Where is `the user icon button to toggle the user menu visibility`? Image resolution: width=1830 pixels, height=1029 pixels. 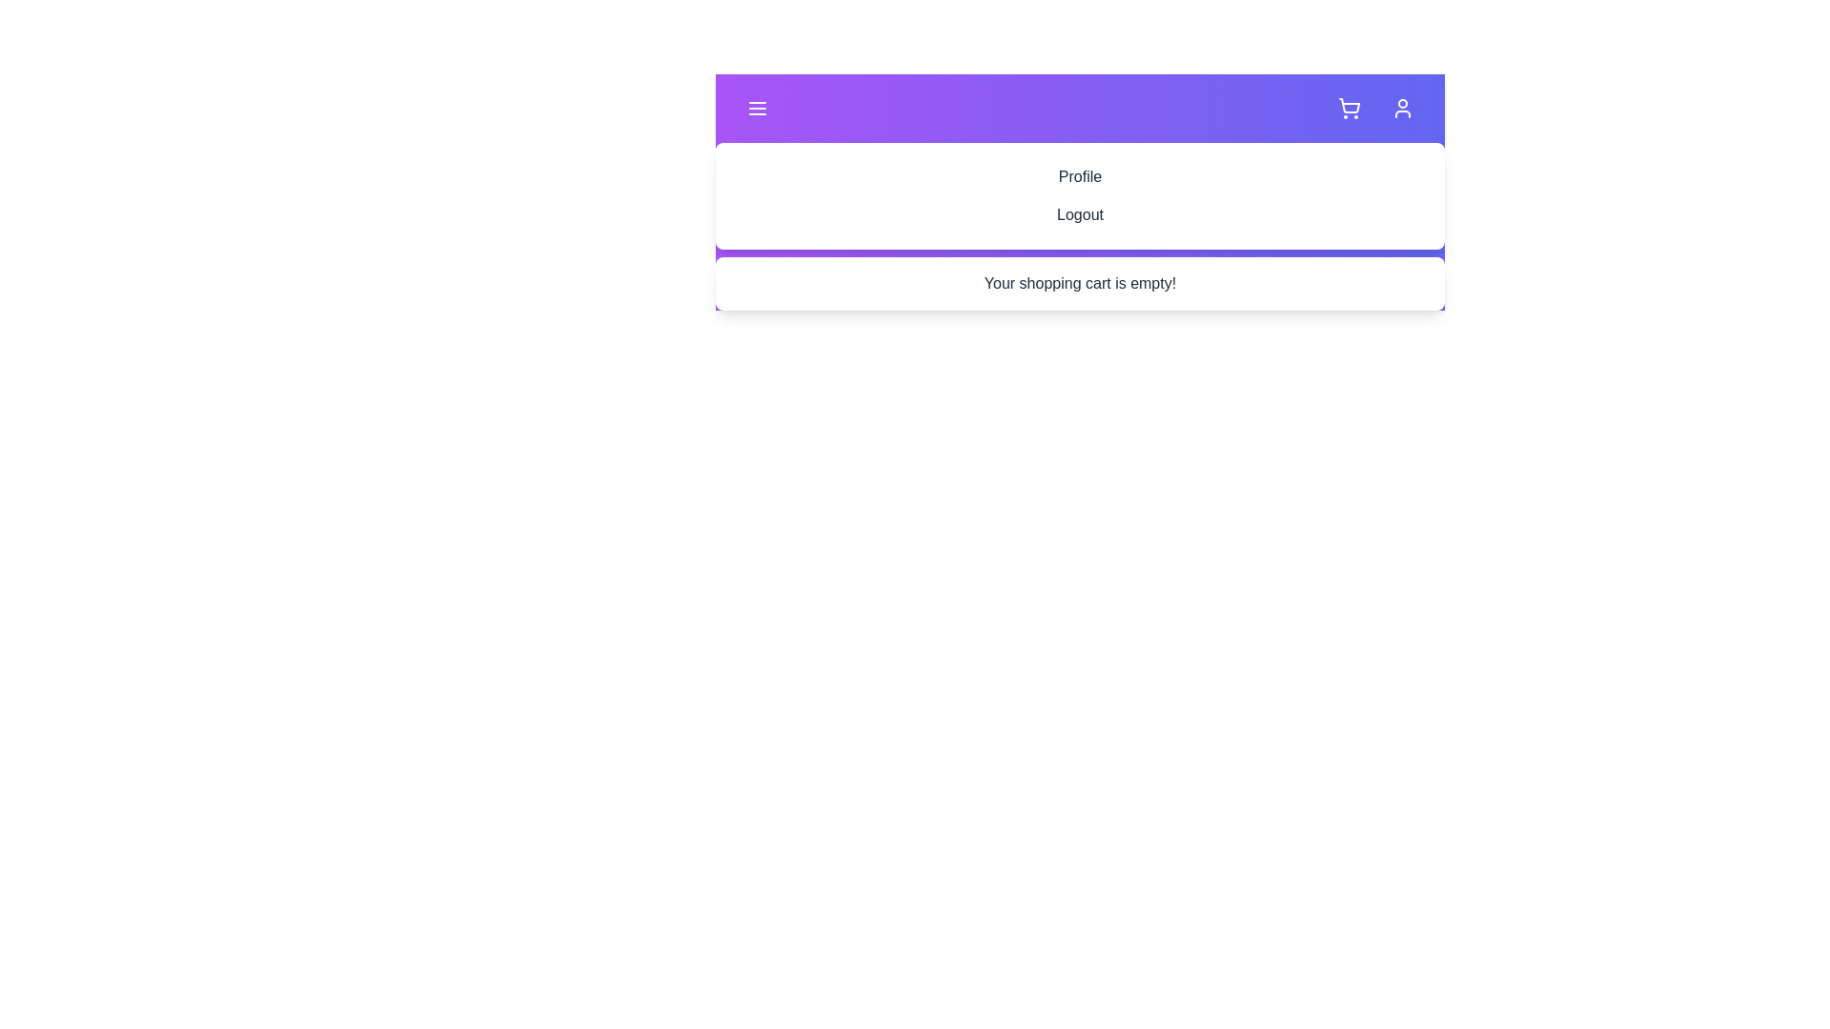 the user icon button to toggle the user menu visibility is located at coordinates (1403, 109).